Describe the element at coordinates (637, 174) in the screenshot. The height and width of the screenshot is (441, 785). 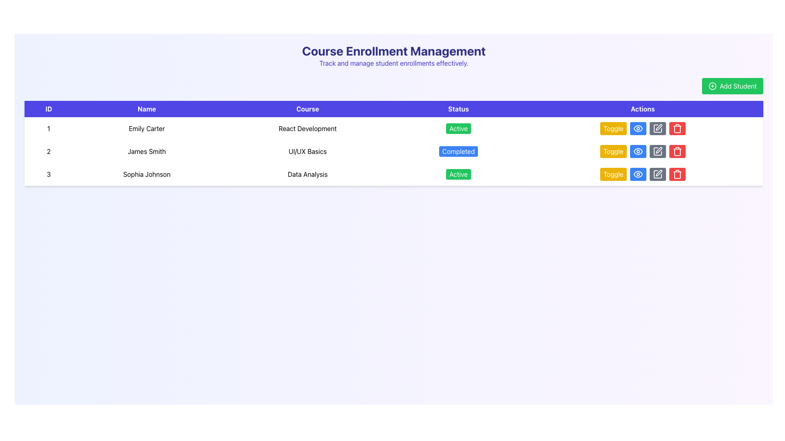
I see `the visual indication icon in the Actions column of the third row of the table` at that location.